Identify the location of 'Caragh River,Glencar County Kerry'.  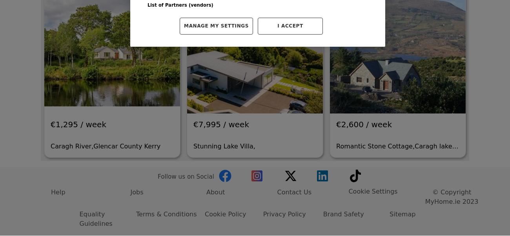
(105, 67).